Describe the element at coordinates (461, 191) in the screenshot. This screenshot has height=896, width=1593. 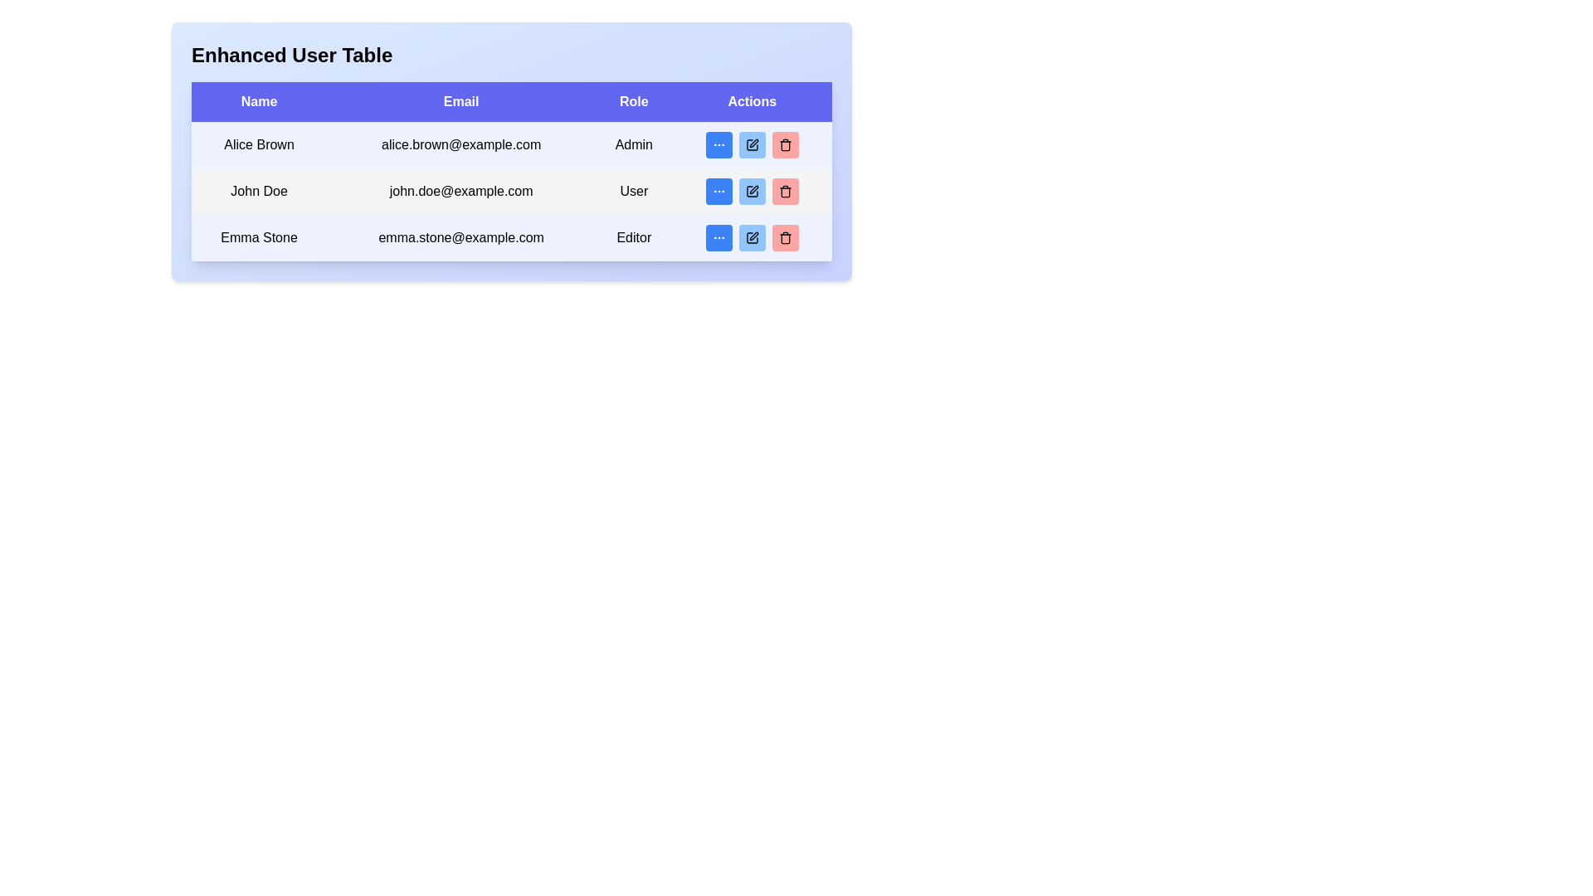
I see `the email address 'john.doe@example.com' displayed in black text within the second row of the table under the email header` at that location.